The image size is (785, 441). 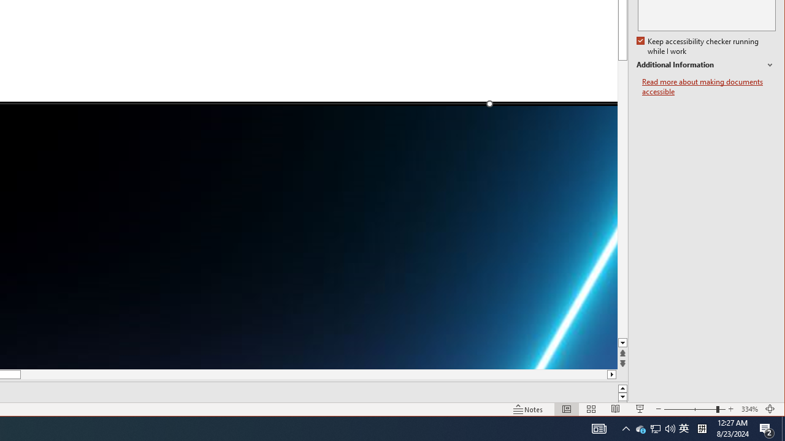 What do you see at coordinates (730, 409) in the screenshot?
I see `'Zoom In'` at bounding box center [730, 409].